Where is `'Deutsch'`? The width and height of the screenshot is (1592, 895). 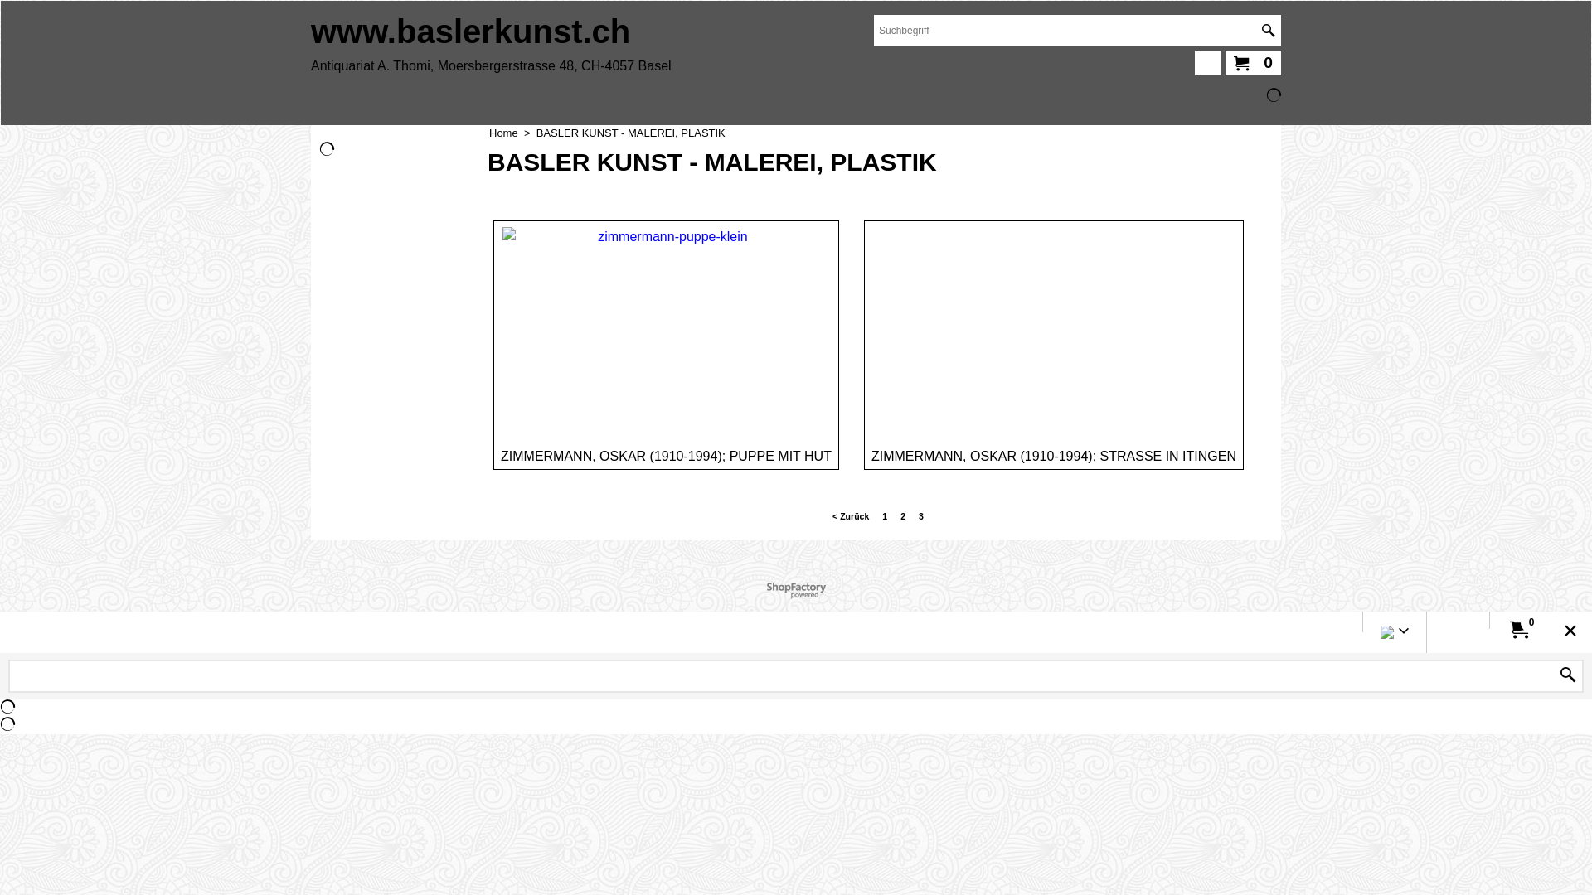 'Deutsch' is located at coordinates (1387, 634).